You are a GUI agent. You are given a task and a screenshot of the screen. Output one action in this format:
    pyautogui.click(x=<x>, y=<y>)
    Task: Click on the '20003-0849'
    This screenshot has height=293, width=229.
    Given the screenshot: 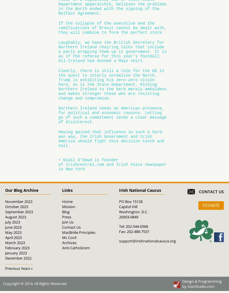 What is the action you would take?
    pyautogui.click(x=128, y=216)
    